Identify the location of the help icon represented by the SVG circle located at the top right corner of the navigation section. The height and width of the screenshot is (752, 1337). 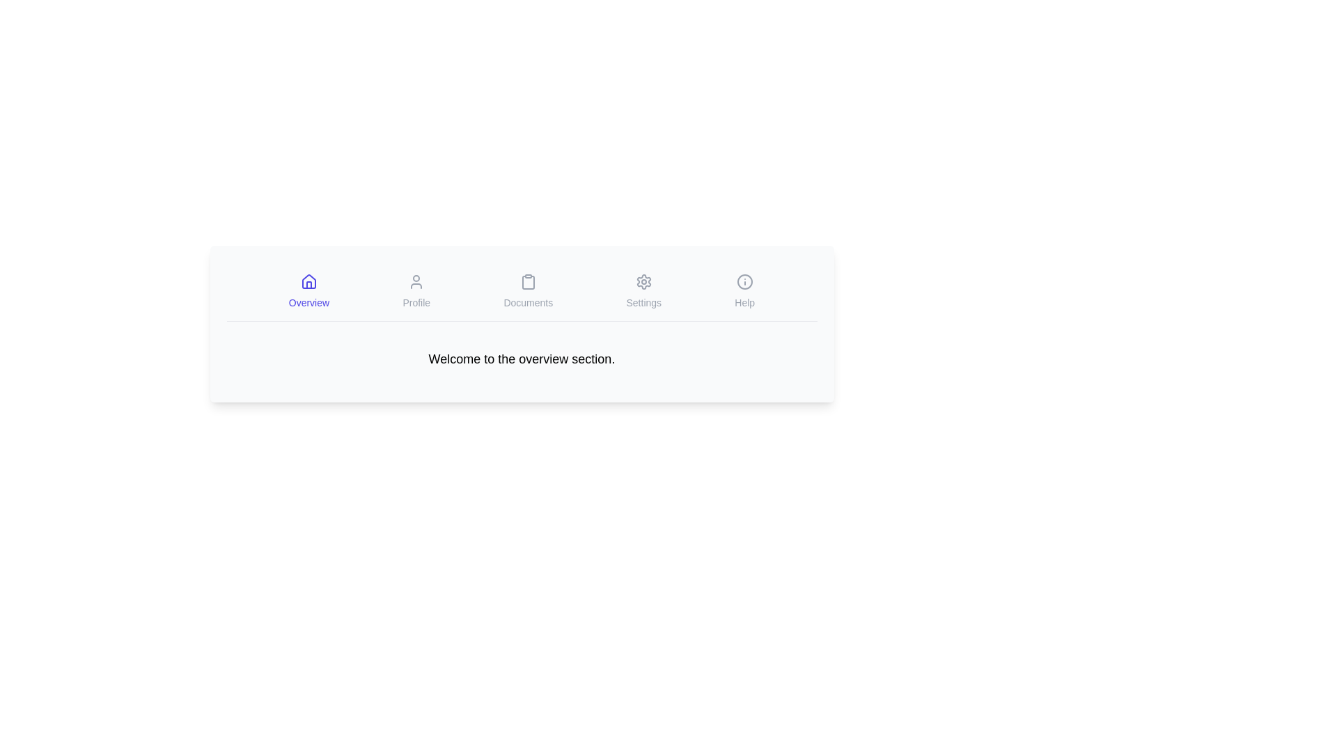
(744, 282).